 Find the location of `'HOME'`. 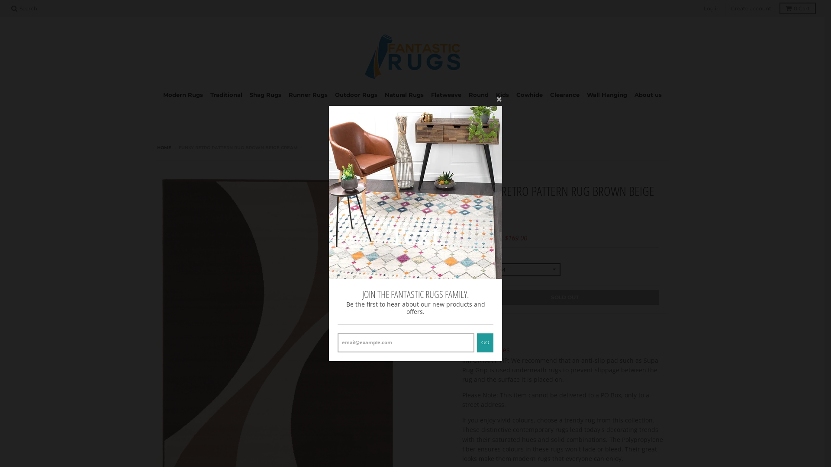

'HOME' is located at coordinates (164, 147).